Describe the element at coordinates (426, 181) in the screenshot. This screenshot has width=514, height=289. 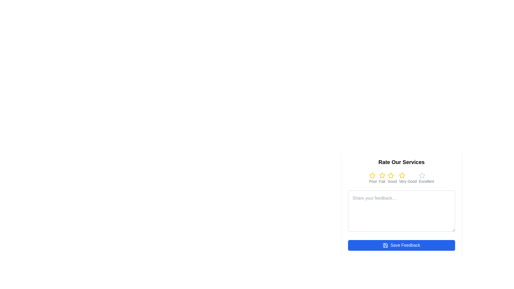
I see `the label indicating an 'Excellent' rating, which is located beneath the last star in a row of five stars` at that location.